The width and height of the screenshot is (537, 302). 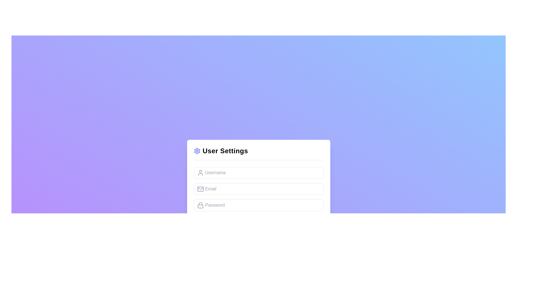 I want to click on or tab through the grouped input fields for Username, Email, and Password within the 'User Settings' card layout, so click(x=258, y=196).